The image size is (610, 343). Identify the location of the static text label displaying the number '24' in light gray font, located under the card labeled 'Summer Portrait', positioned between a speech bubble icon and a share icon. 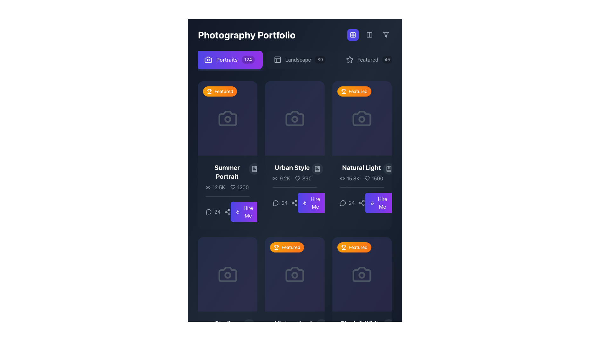
(217, 212).